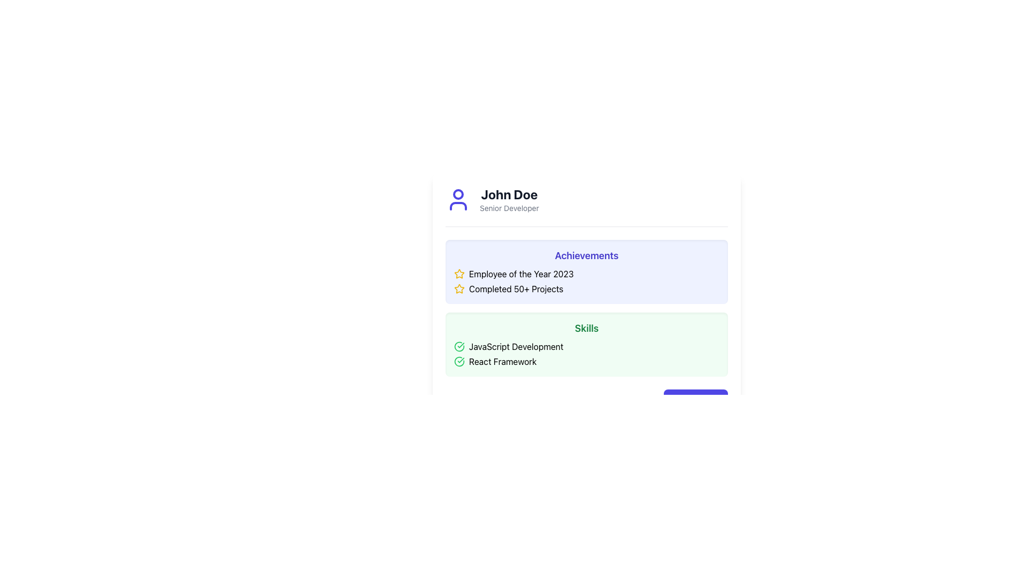 The height and width of the screenshot is (577, 1027). What do you see at coordinates (508, 194) in the screenshot?
I see `the text 'John Doe', which is displayed in a bold, large font style, dark gray color on a white background, positioned above the text 'Senior Developer'` at bounding box center [508, 194].